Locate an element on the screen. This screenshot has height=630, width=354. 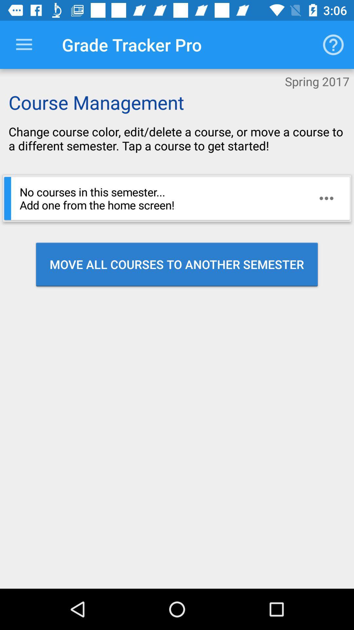
access the menue is located at coordinates (24, 44).